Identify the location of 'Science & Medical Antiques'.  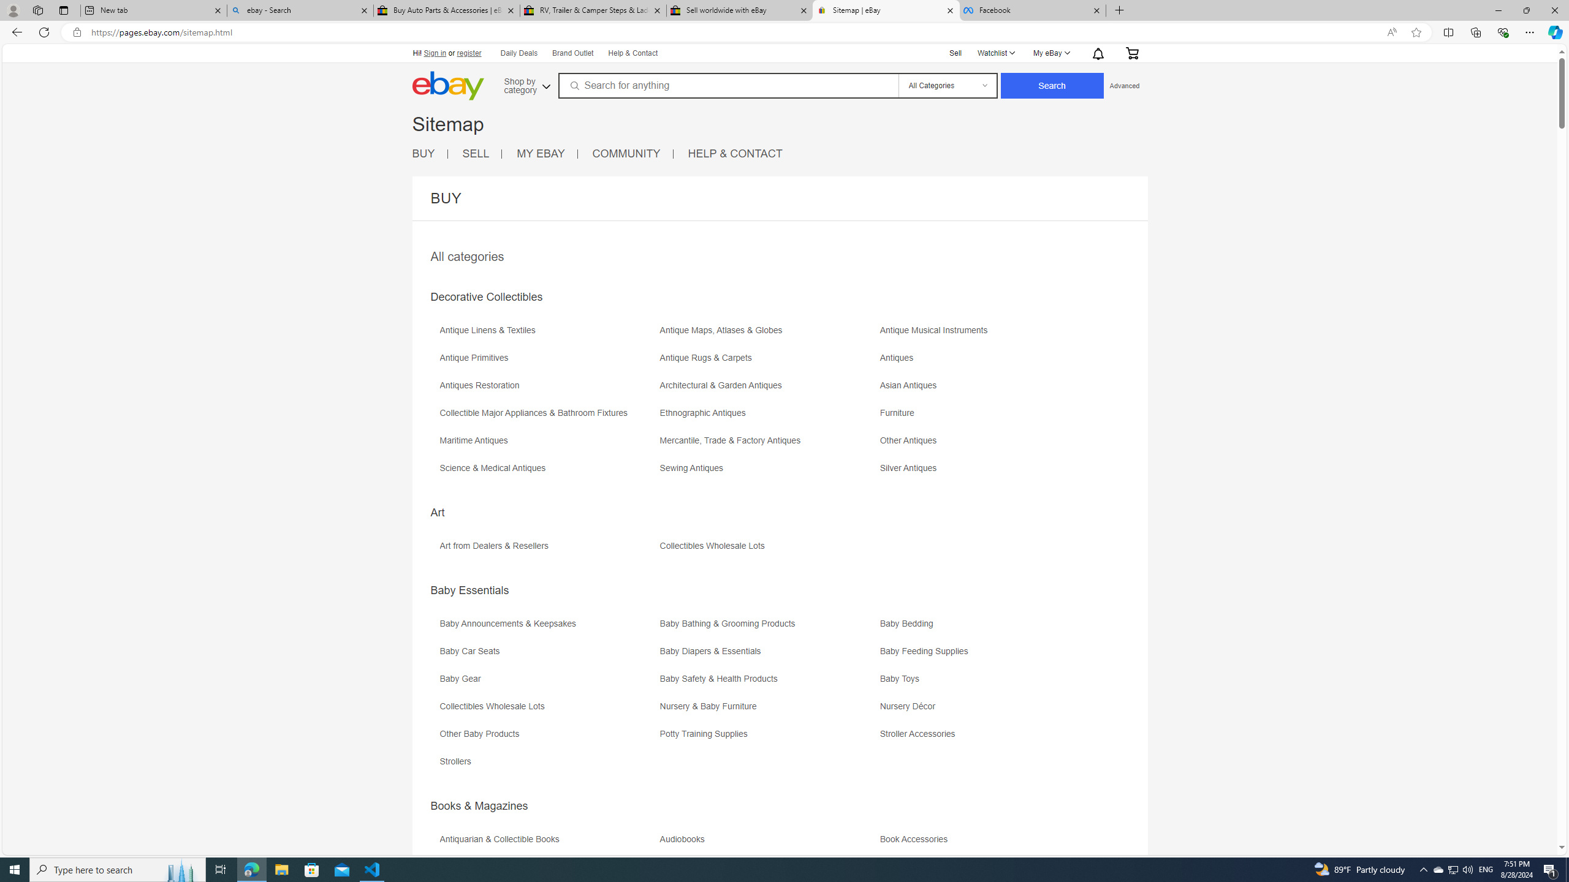
(495, 467).